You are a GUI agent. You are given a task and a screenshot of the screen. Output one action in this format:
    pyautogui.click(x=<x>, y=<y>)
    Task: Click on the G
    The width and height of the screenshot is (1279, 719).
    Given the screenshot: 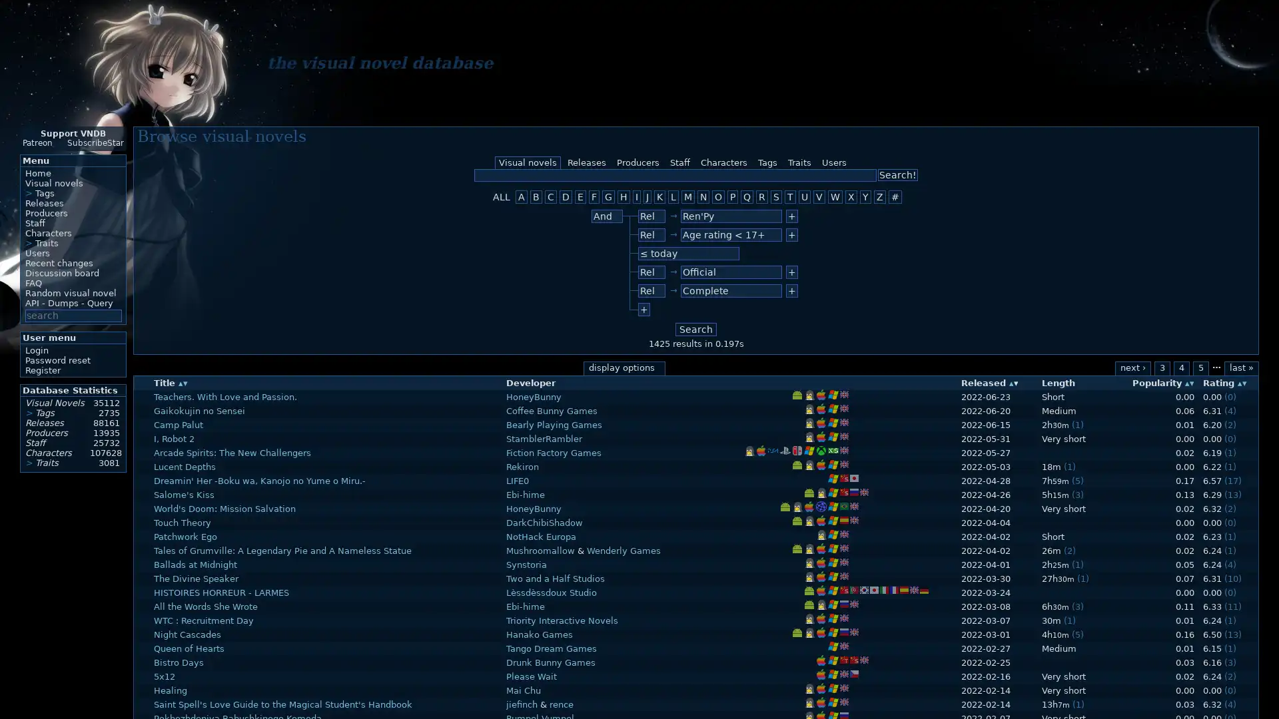 What is the action you would take?
    pyautogui.click(x=608, y=197)
    